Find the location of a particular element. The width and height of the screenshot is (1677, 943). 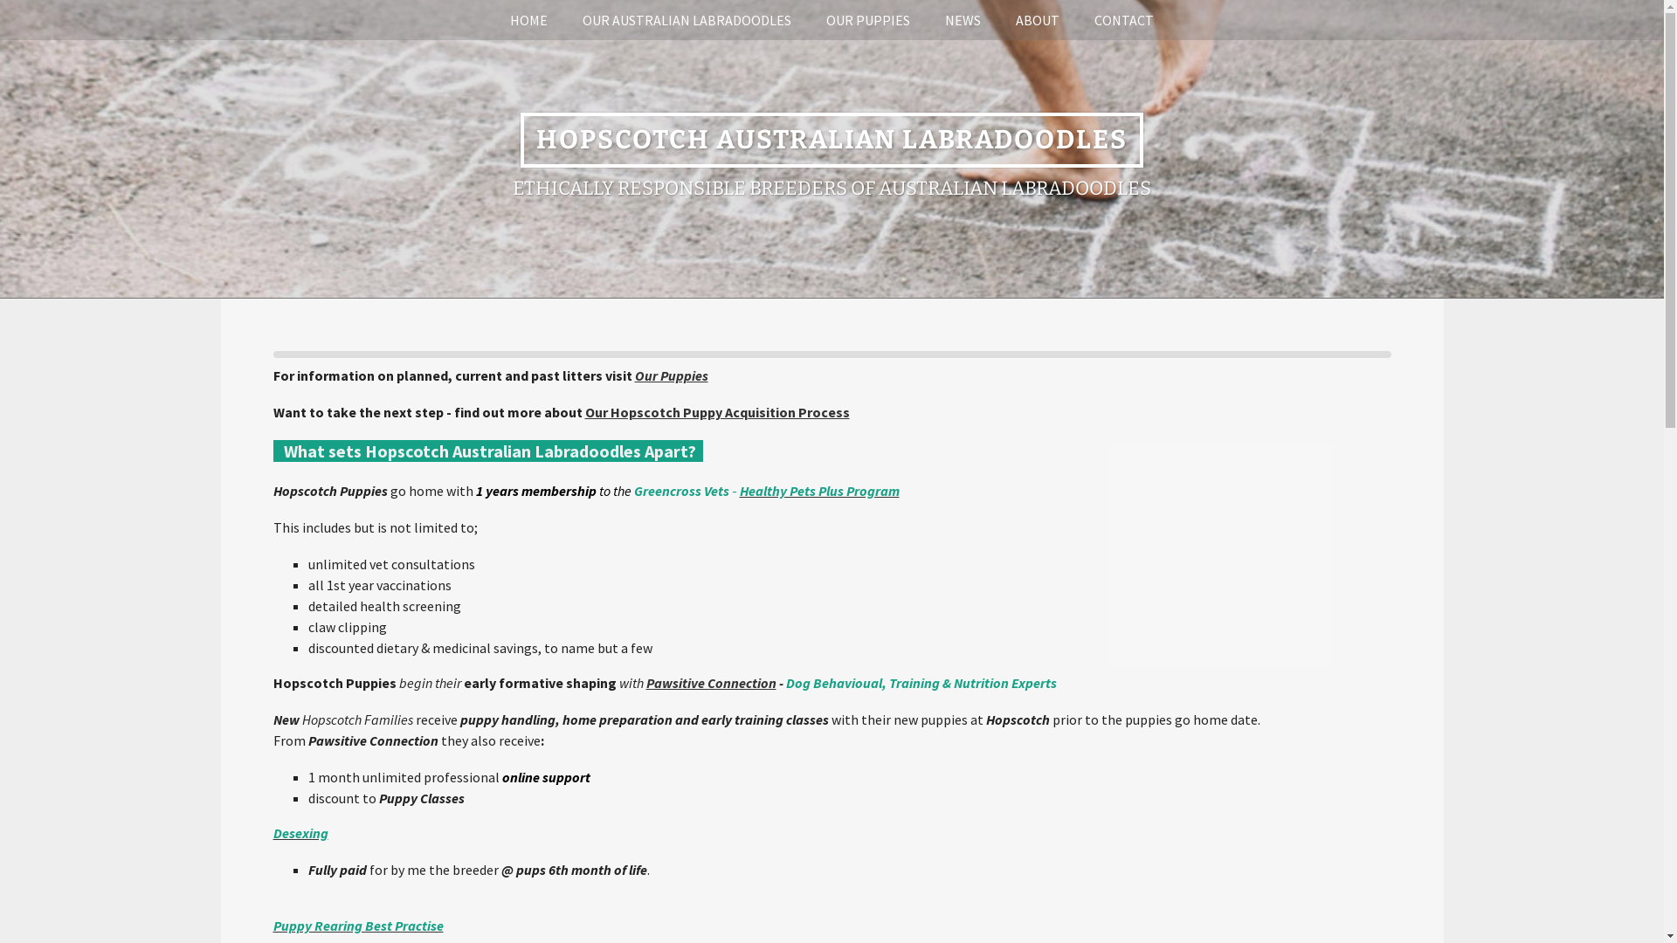

'ABOUT' is located at coordinates (1038, 20).